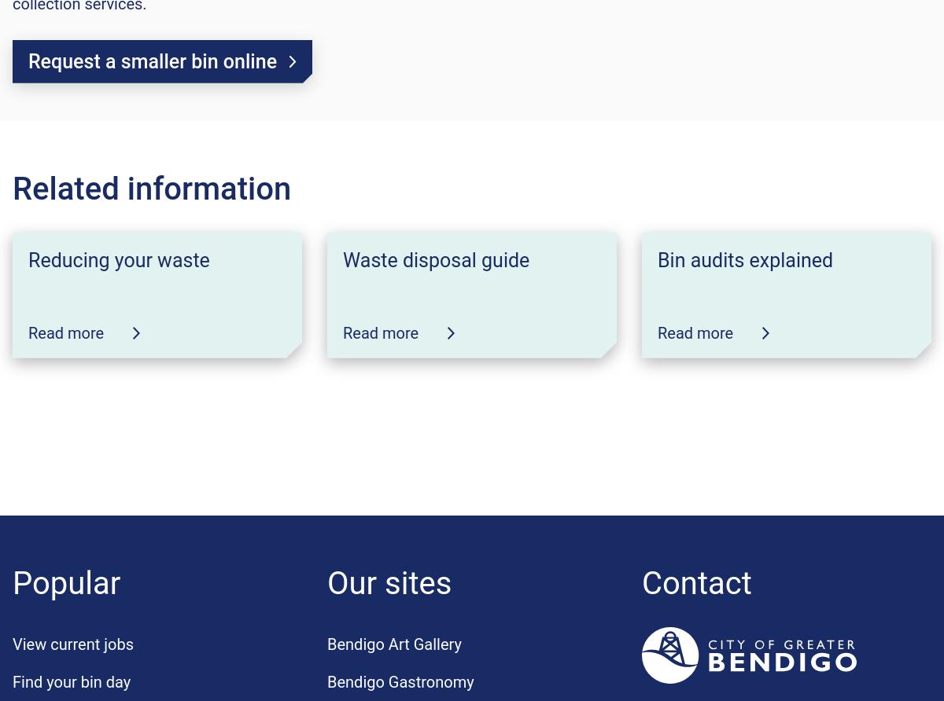 Image resolution: width=944 pixels, height=701 pixels. What do you see at coordinates (66, 582) in the screenshot?
I see `'Popular'` at bounding box center [66, 582].